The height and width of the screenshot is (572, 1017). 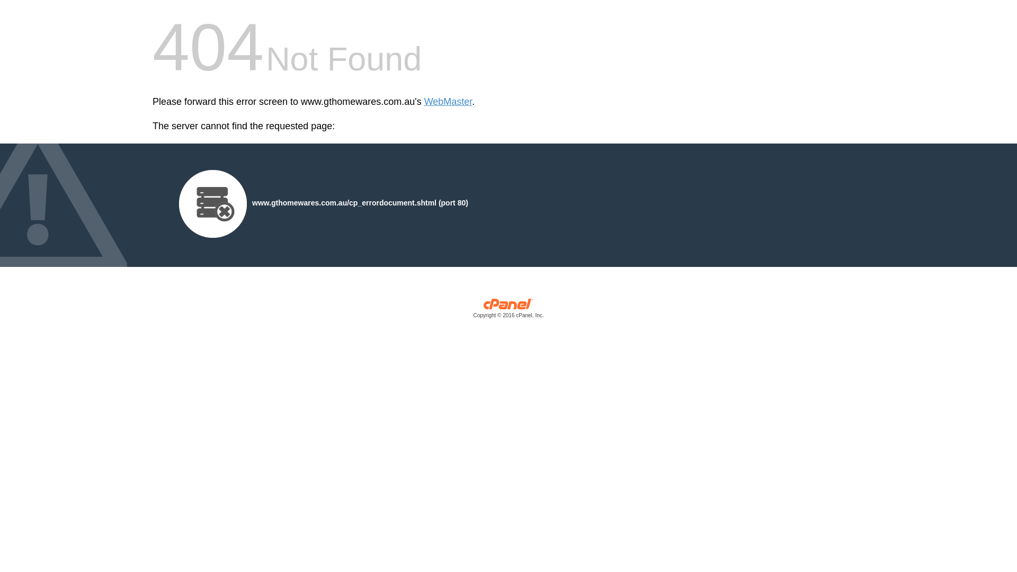 I want to click on 'WebMaster', so click(x=424, y=102).